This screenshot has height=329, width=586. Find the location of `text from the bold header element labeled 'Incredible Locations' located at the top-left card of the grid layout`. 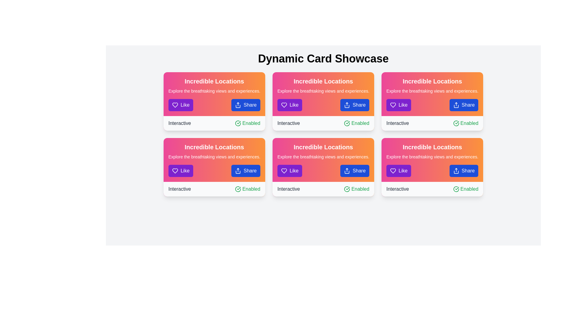

text from the bold header element labeled 'Incredible Locations' located at the top-left card of the grid layout is located at coordinates (214, 81).